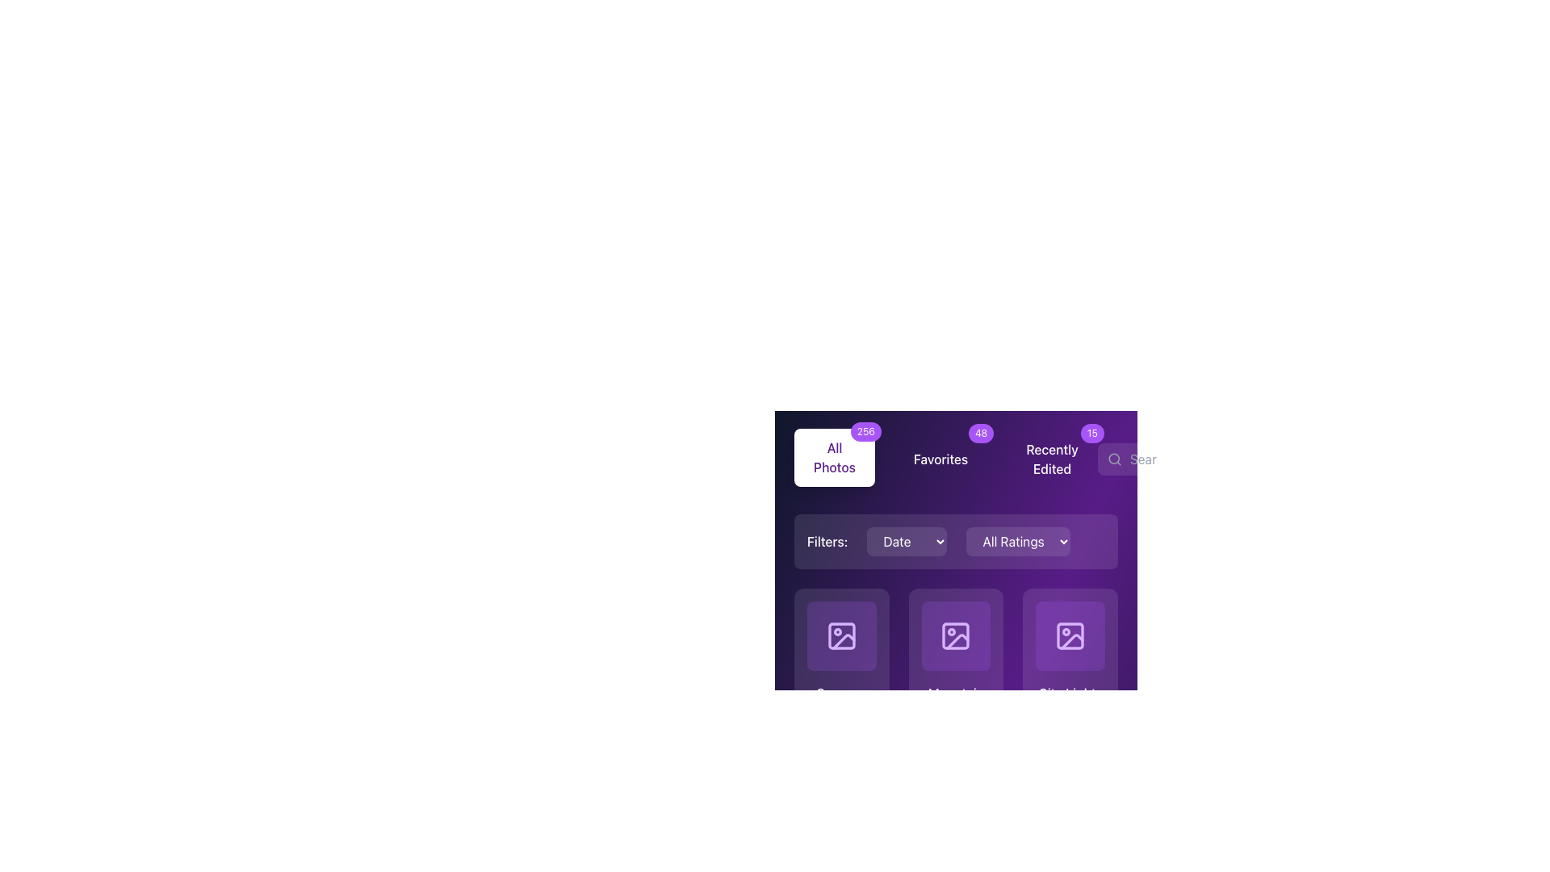 This screenshot has width=1550, height=872. I want to click on the preview button for the image associated with 'Summer Vacation2023-08-15', so click(840, 635).